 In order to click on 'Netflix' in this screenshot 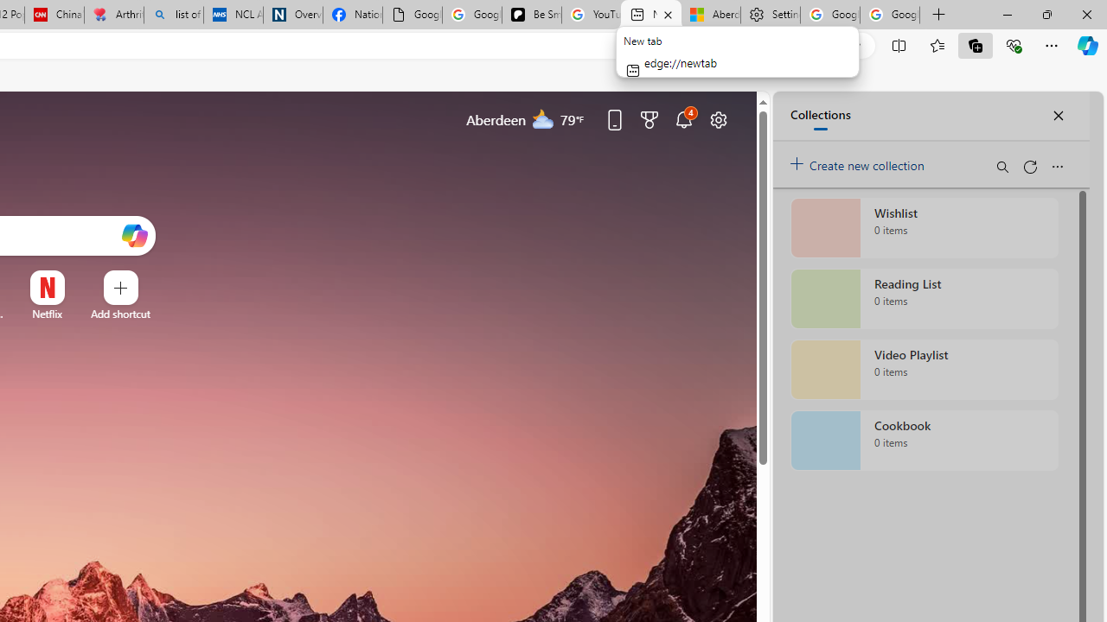, I will do `click(47, 314)`.